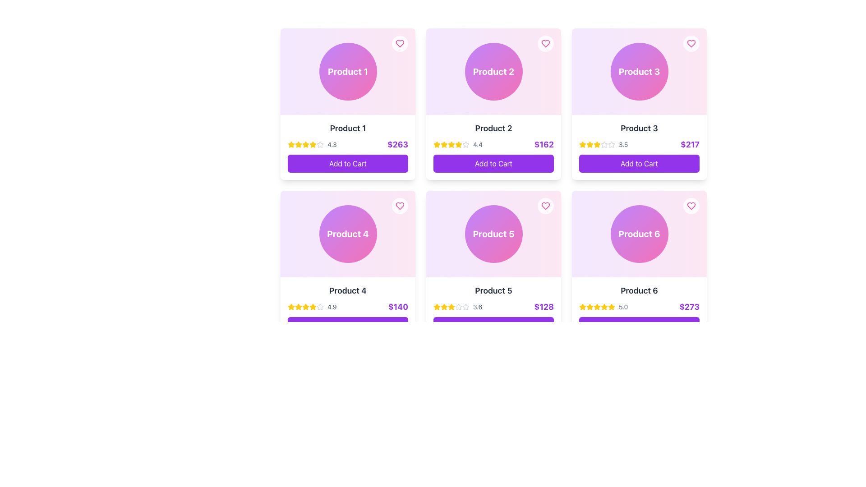 Image resolution: width=866 pixels, height=487 pixels. I want to click on the heart button located in the top-right corner of the 'Product 1' card, so click(400, 43).